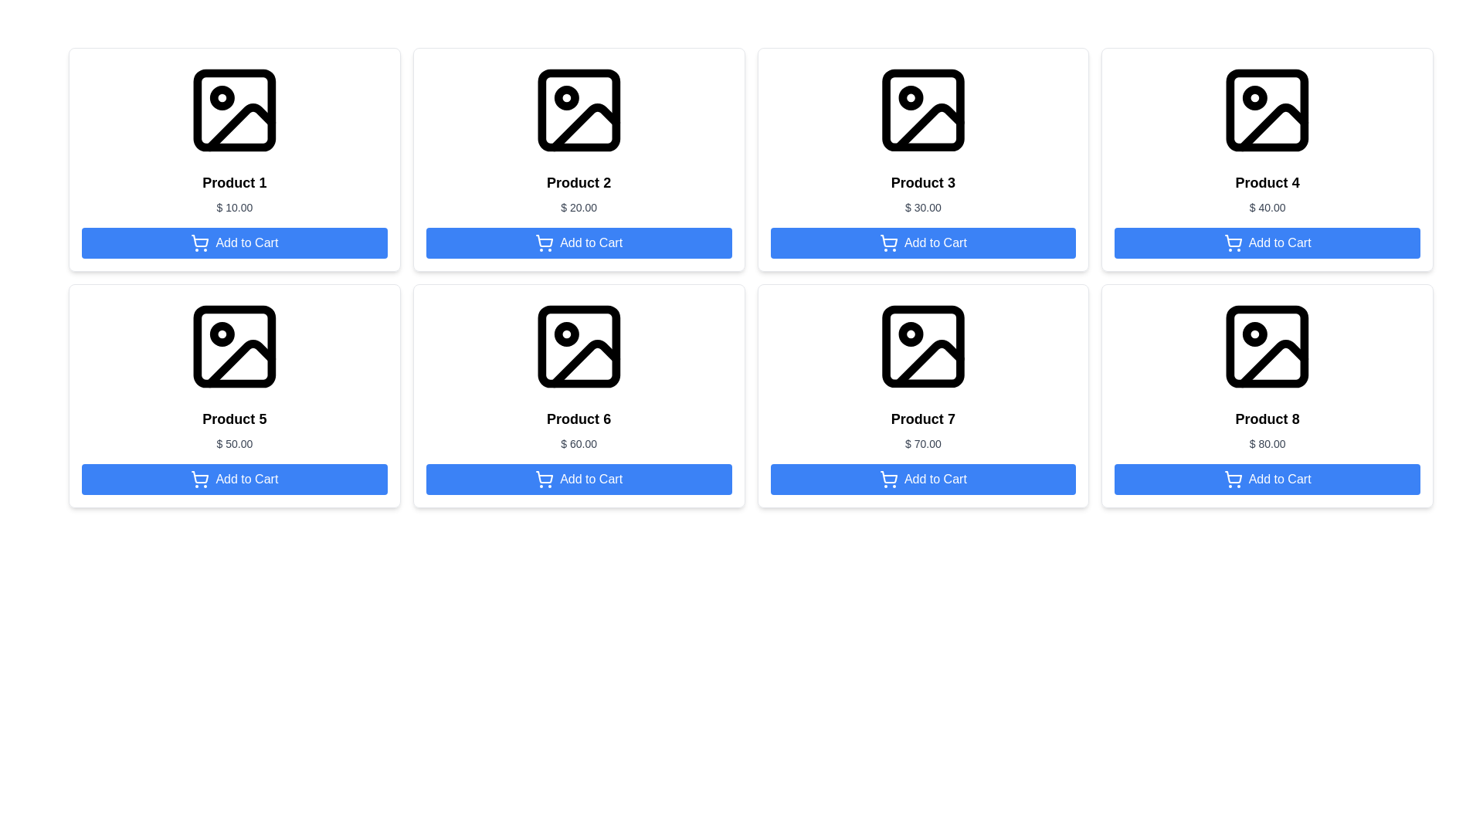  What do you see at coordinates (578, 443) in the screenshot?
I see `price displayed on the static text label for 'Product 6', located at the bottom of its product card, above the 'Add to Cart' button` at bounding box center [578, 443].